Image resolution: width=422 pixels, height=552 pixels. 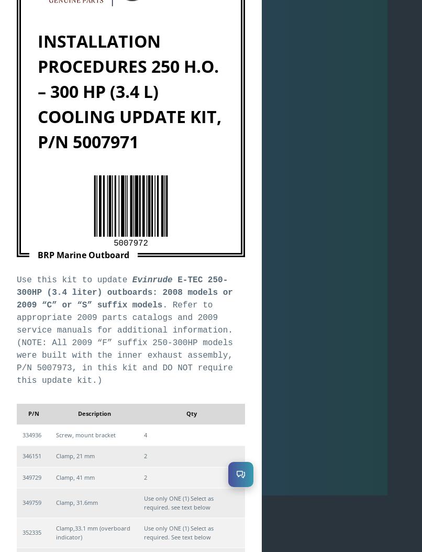 What do you see at coordinates (191, 413) in the screenshot?
I see `'Qty'` at bounding box center [191, 413].